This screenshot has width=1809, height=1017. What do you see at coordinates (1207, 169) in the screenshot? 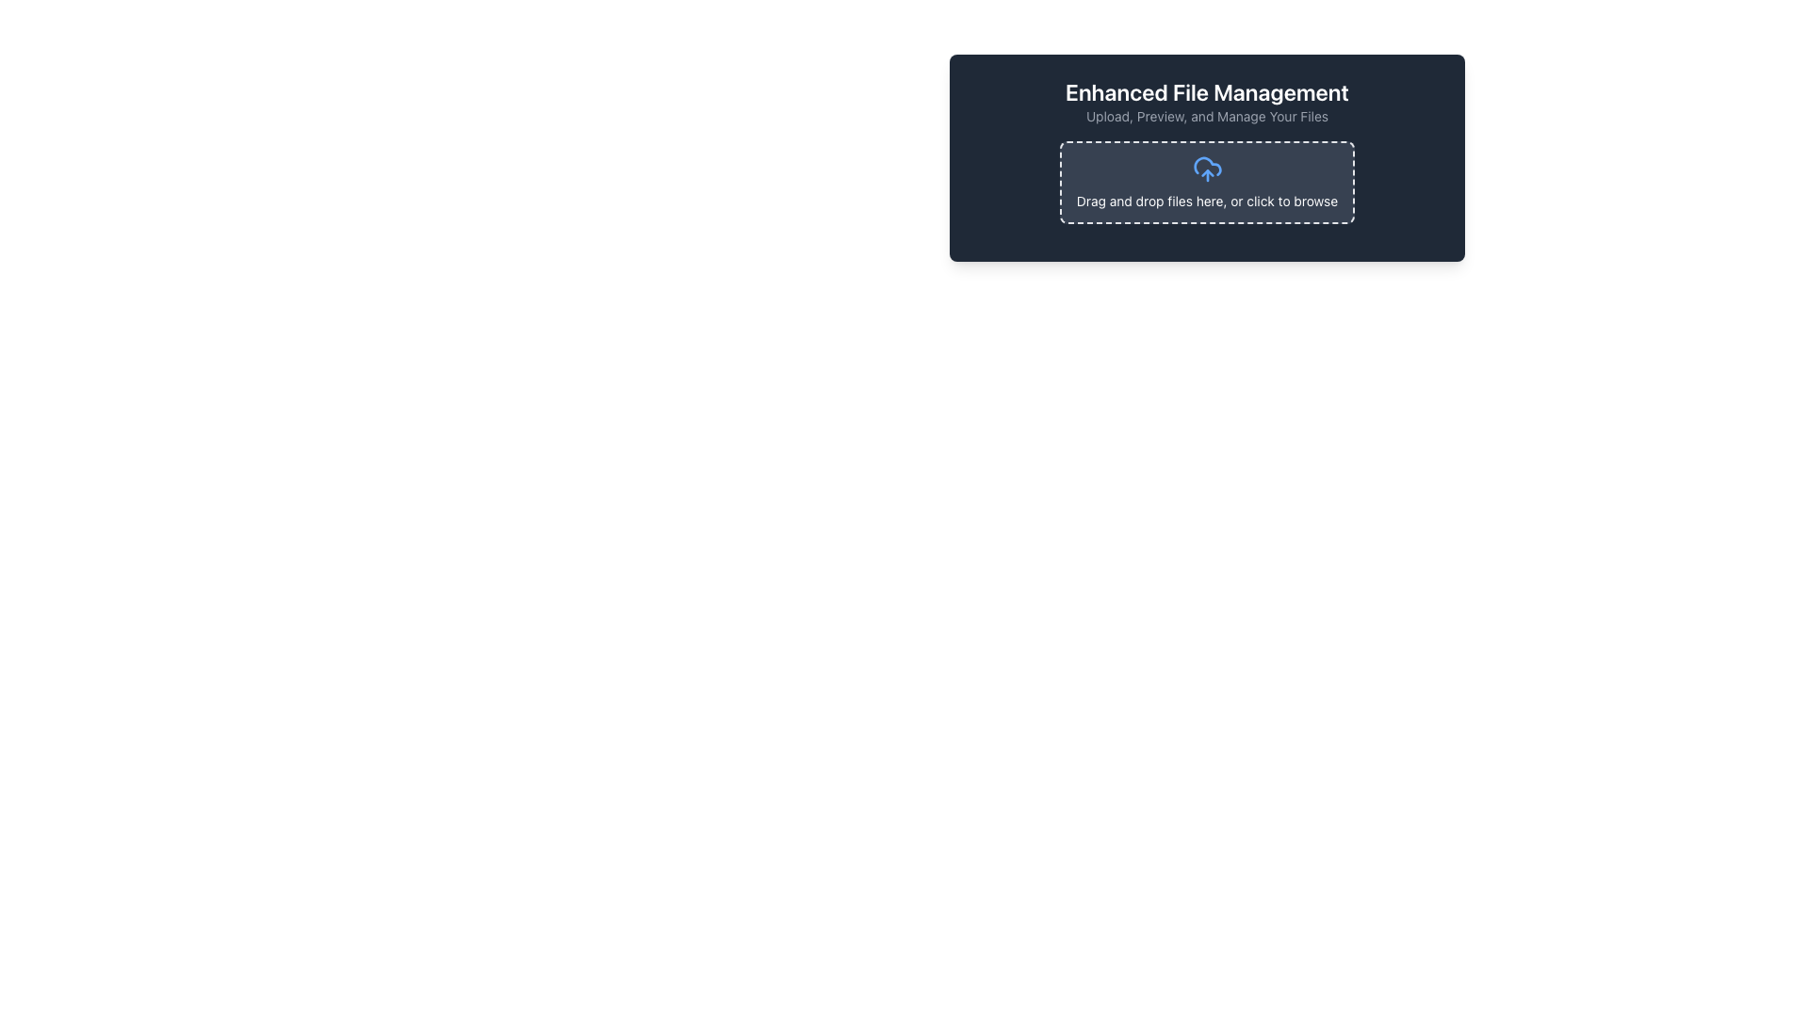
I see `the file upload icon located within the dashed-border rectangle, which is part of a larger box containing a title and instruction text` at bounding box center [1207, 169].